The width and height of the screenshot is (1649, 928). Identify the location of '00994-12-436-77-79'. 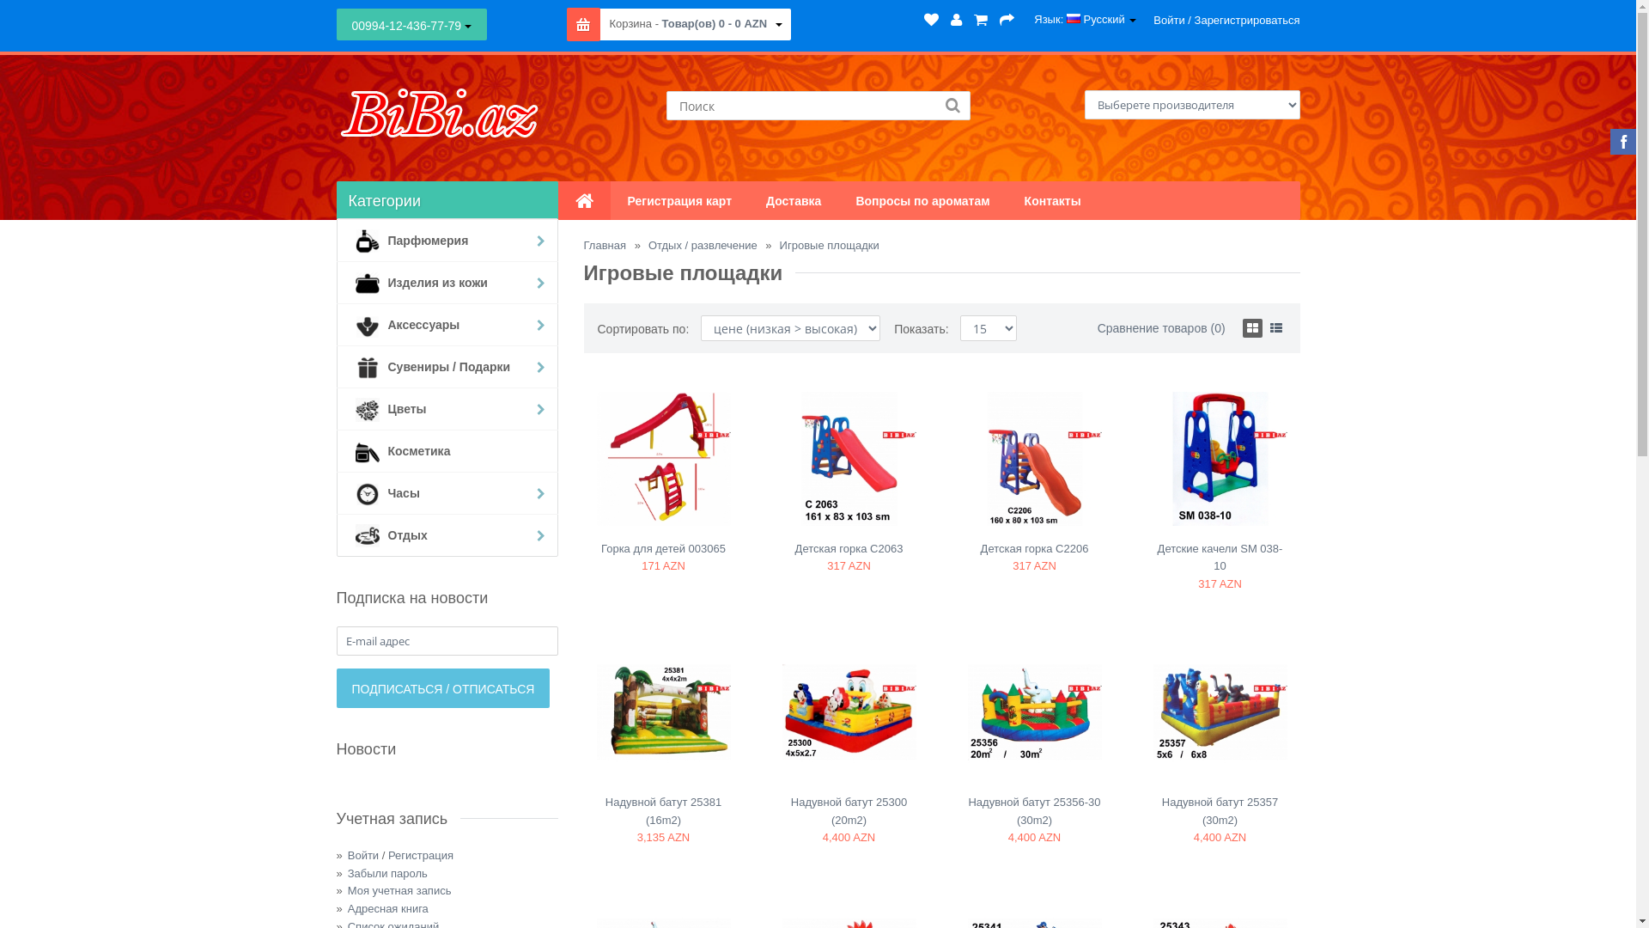
(412, 24).